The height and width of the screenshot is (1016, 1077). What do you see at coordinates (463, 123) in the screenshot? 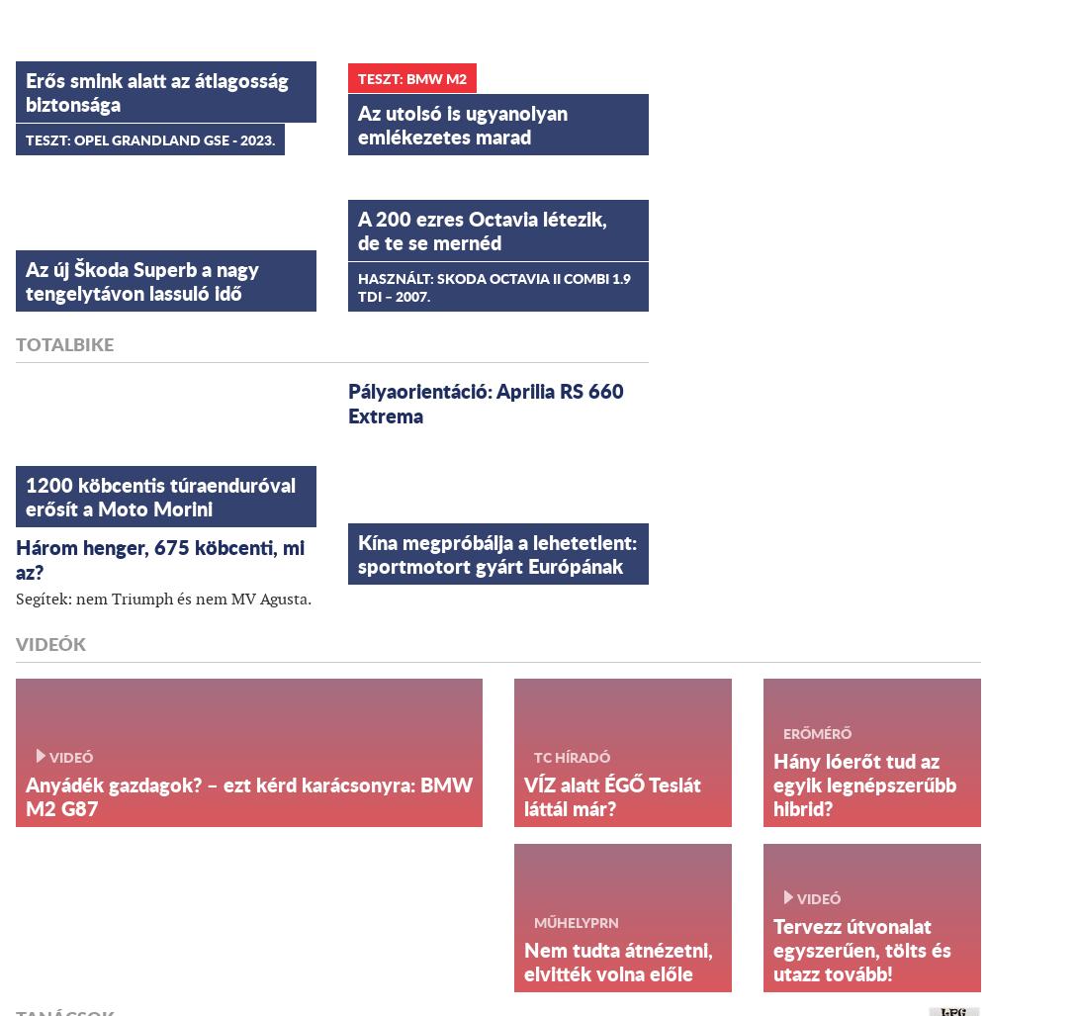
I see `'Az utolsó is ugyanolyan emlékezetes marad'` at bounding box center [463, 123].